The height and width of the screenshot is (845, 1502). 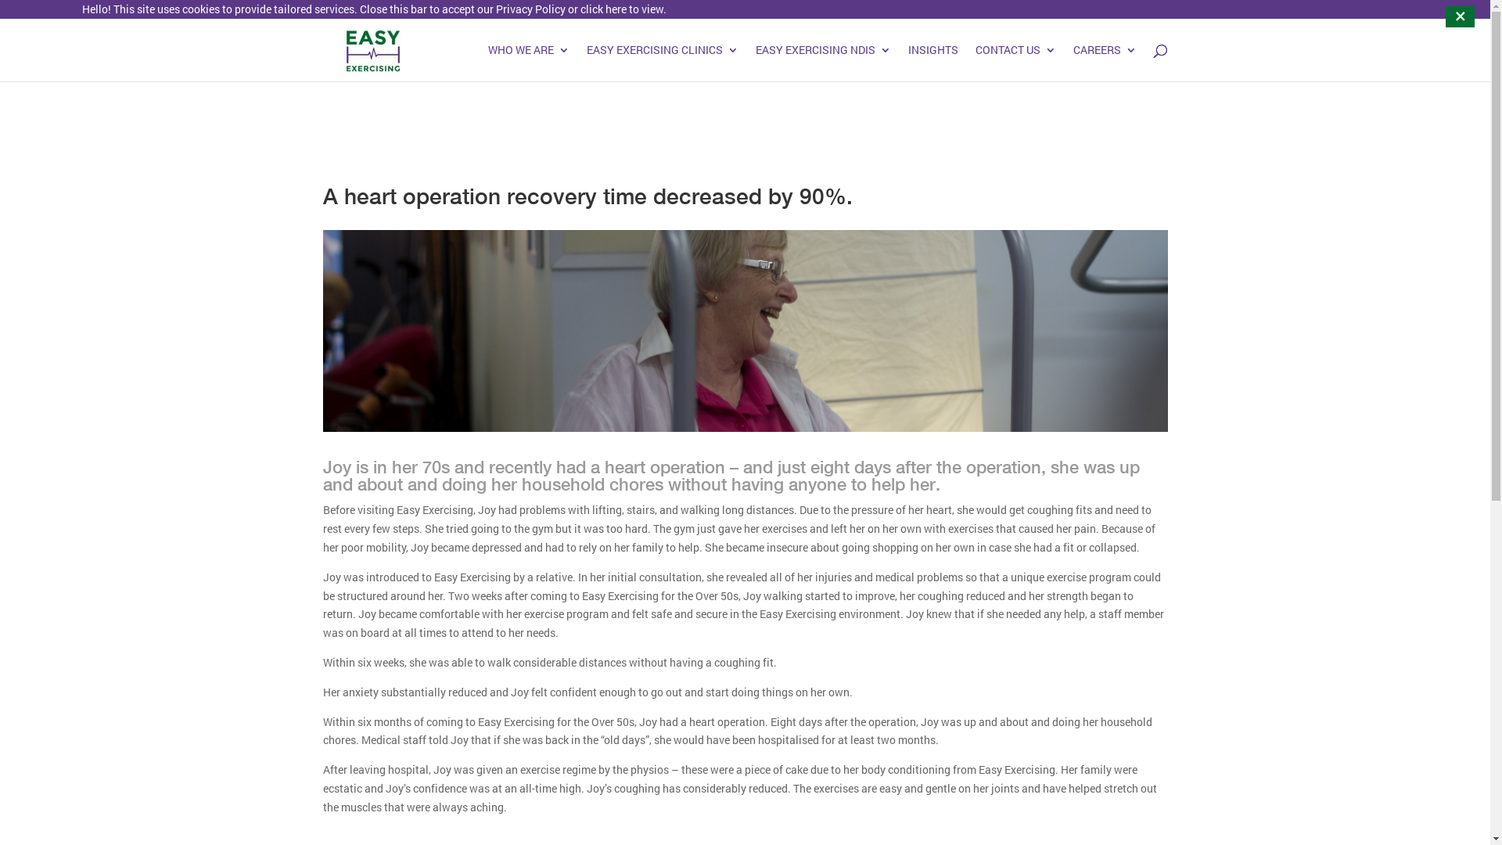 I want to click on 'CONTACT US', so click(x=974, y=62).